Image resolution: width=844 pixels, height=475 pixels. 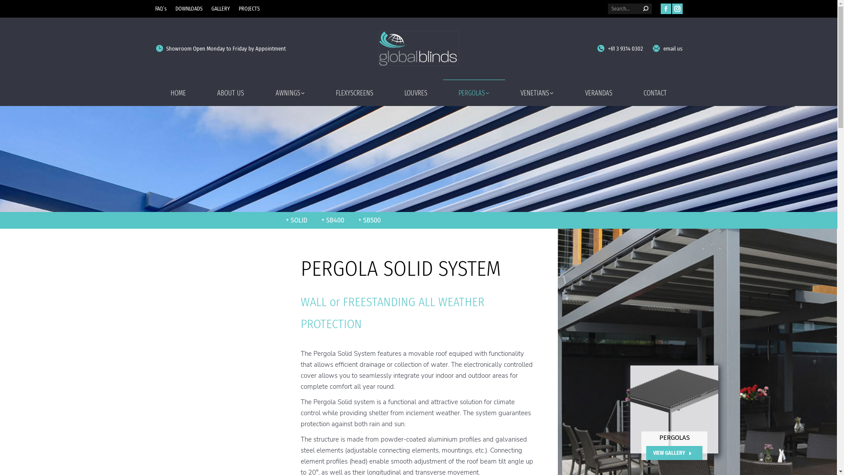 What do you see at coordinates (677, 8) in the screenshot?
I see `'Instagram page opens in new window'` at bounding box center [677, 8].